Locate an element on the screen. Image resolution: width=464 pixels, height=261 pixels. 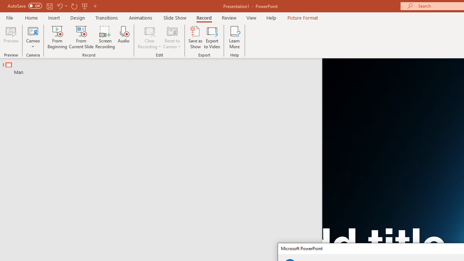
'Picture Format' is located at coordinates (303, 17).